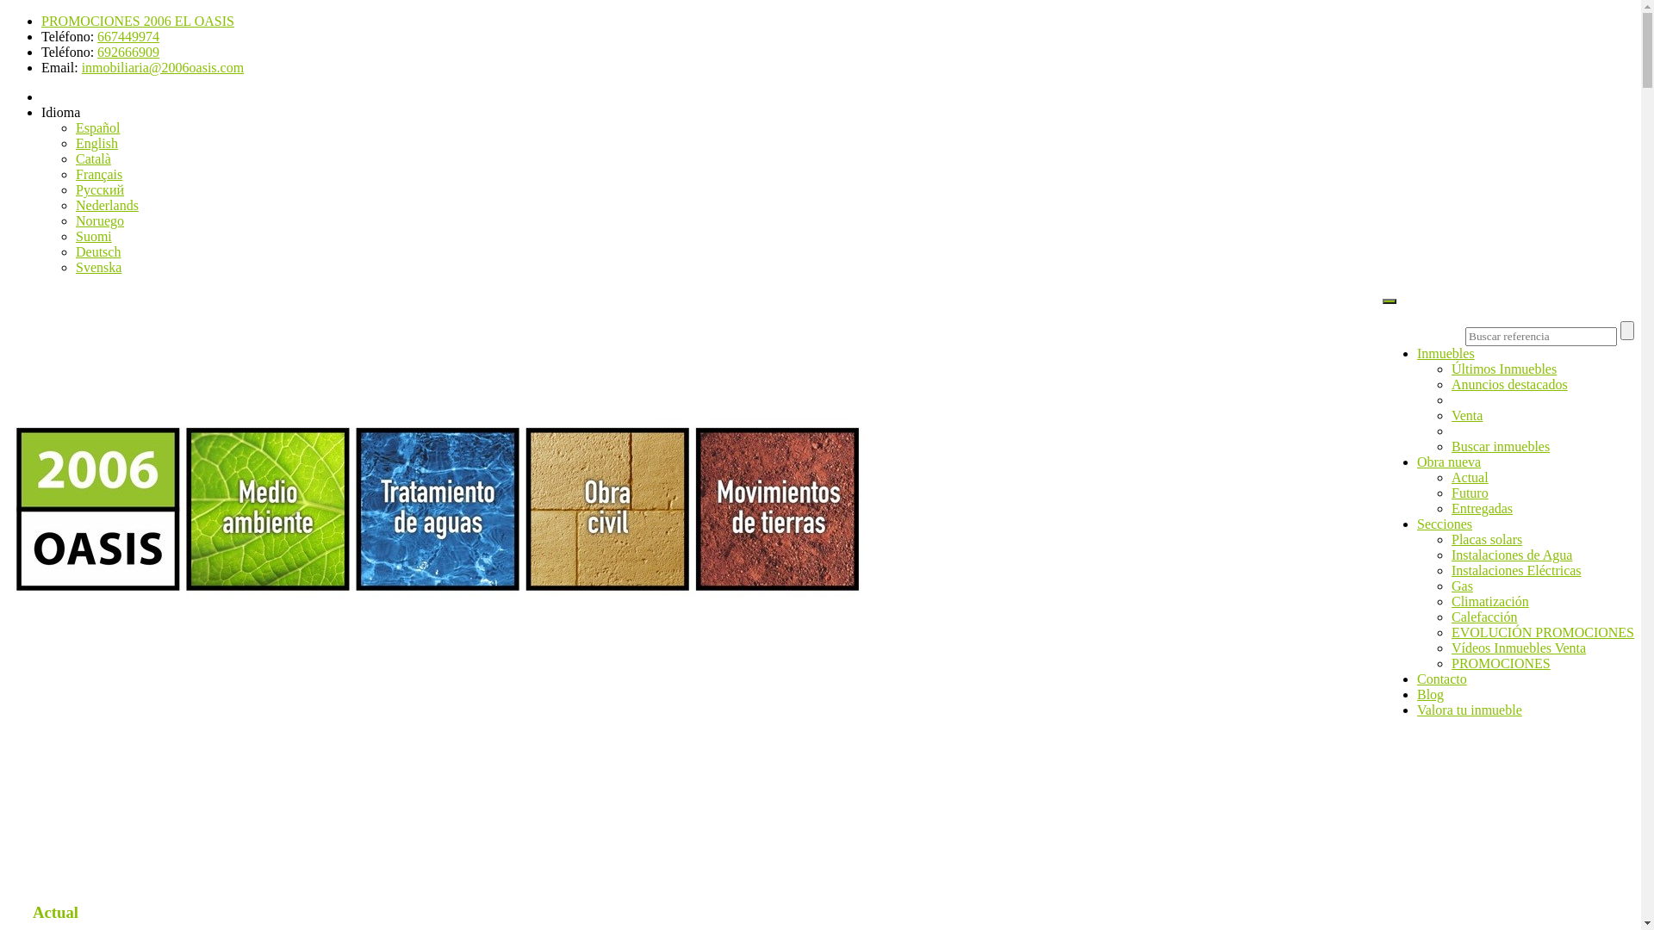 The image size is (1654, 930). What do you see at coordinates (98, 220) in the screenshot?
I see `'Noruego'` at bounding box center [98, 220].